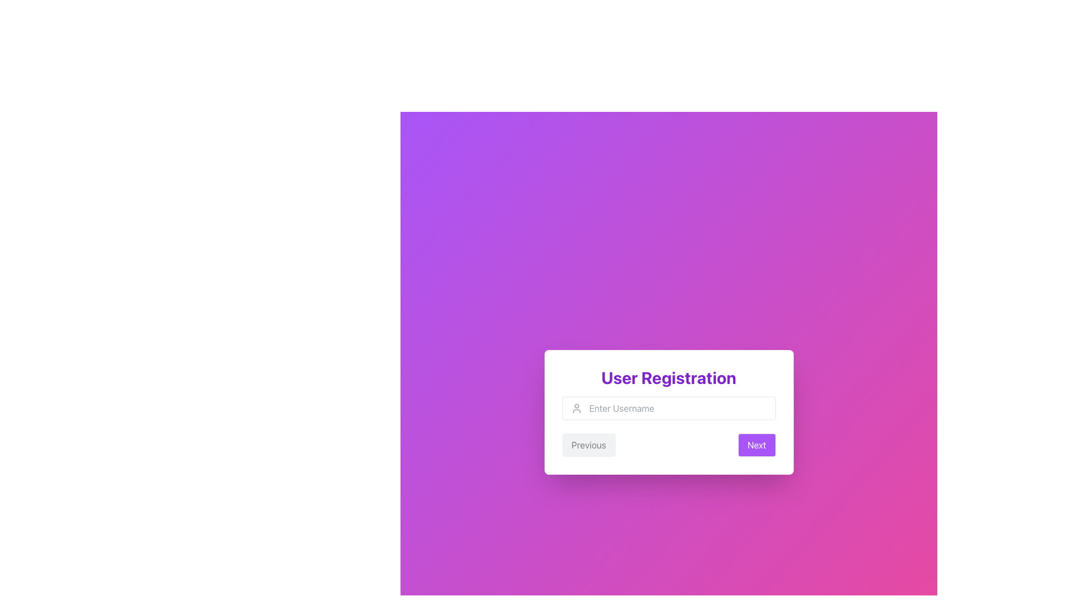 The image size is (1068, 601). Describe the element at coordinates (588, 444) in the screenshot. I see `the 'Previous' button located at the bottom left of the 'User Registration' form, which has a subtle gray background and rounded corners` at that location.